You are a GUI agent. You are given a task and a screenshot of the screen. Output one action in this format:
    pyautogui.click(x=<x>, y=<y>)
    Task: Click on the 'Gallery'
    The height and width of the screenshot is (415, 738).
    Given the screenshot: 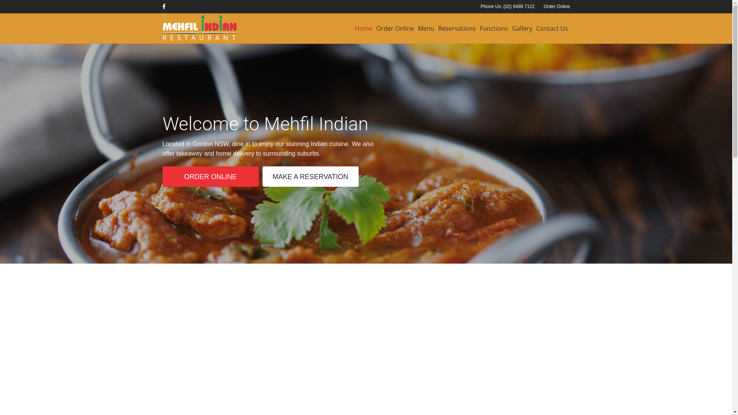 What is the action you would take?
    pyautogui.click(x=522, y=28)
    